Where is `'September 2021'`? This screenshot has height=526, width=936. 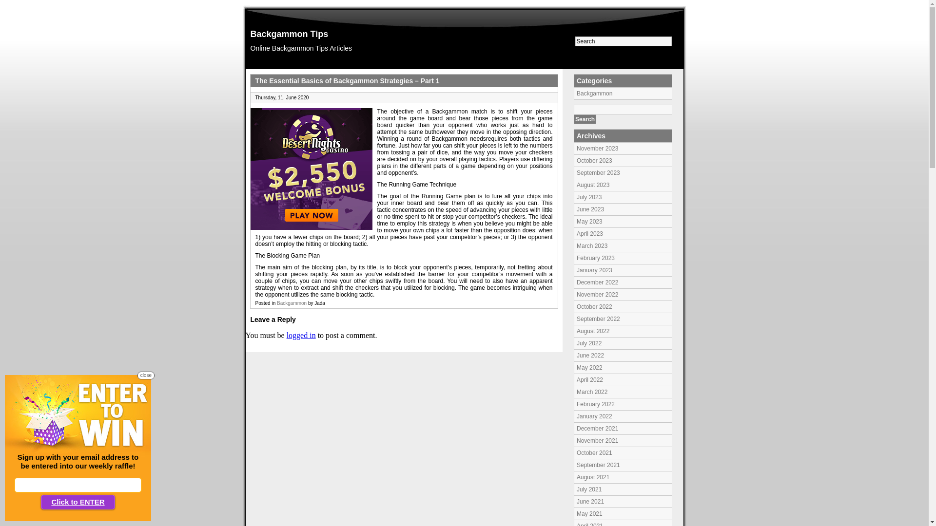
'September 2021' is located at coordinates (576, 465).